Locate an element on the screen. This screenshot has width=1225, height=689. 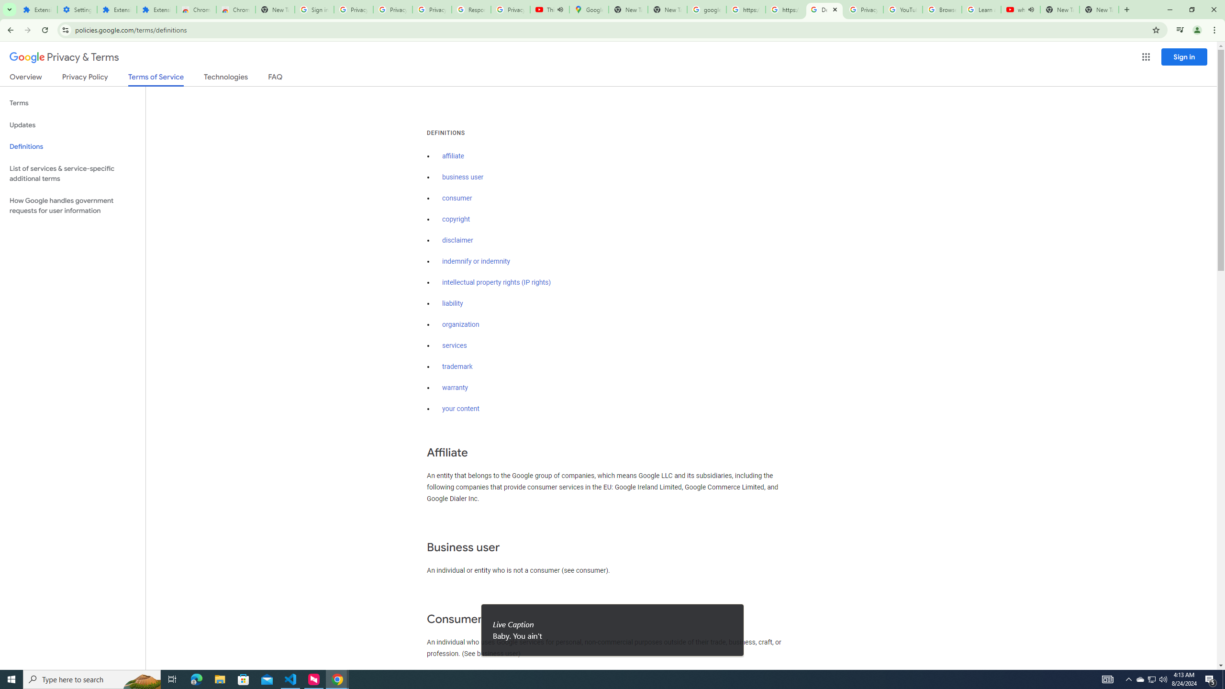
'https://scholar.google.com/' is located at coordinates (784, 9).